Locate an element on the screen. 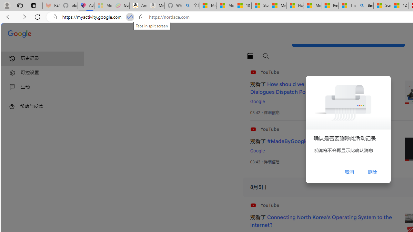 This screenshot has height=232, width=413. 'Connecting North Korea' is located at coordinates (321, 221).